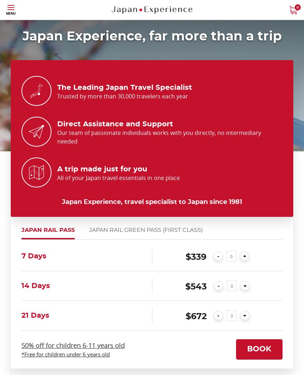 The image size is (304, 375). I want to click on '$543', so click(195, 287).